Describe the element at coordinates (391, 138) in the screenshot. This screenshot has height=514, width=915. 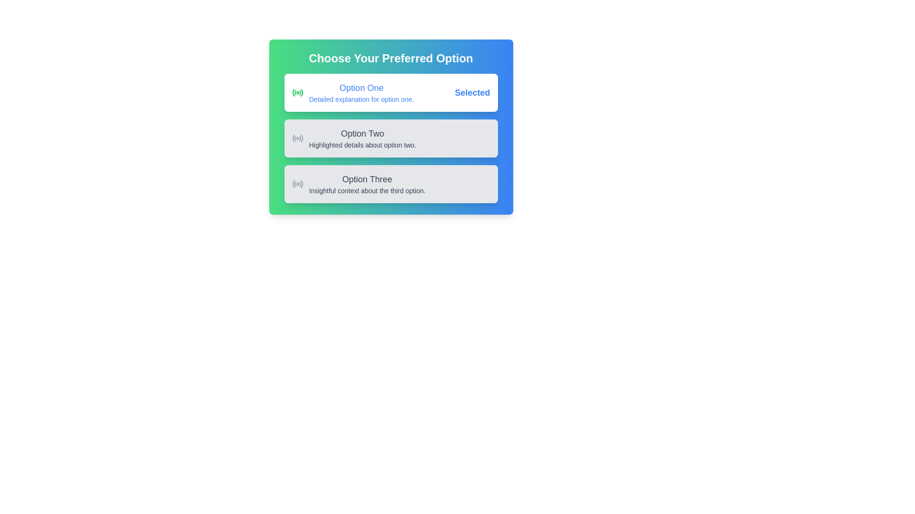
I see `the second radio button option labeled 'Option Two' with the description 'Highlighted details about option two'` at that location.